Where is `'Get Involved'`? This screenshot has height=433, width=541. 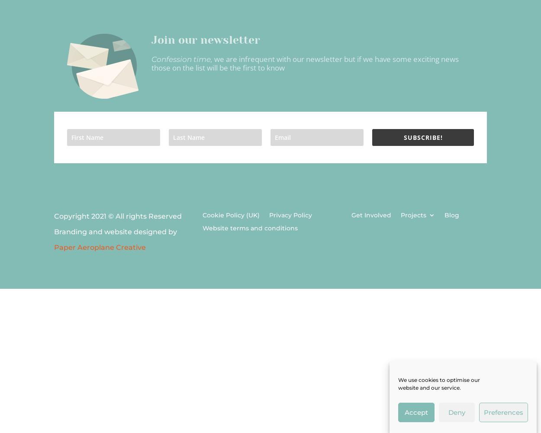 'Get Involved' is located at coordinates (370, 215).